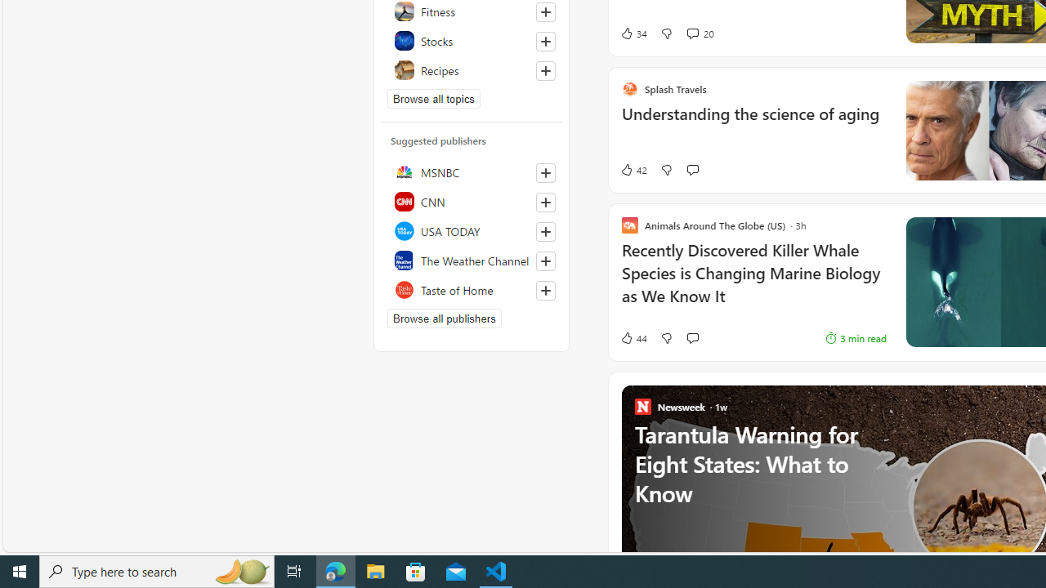  I want to click on 'Follow this source', so click(545, 290).